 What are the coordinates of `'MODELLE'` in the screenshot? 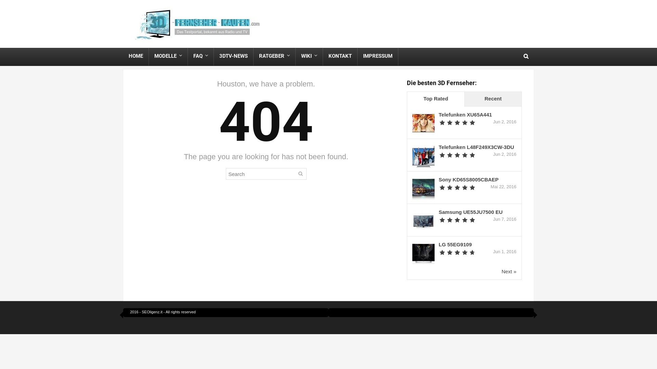 It's located at (168, 56).